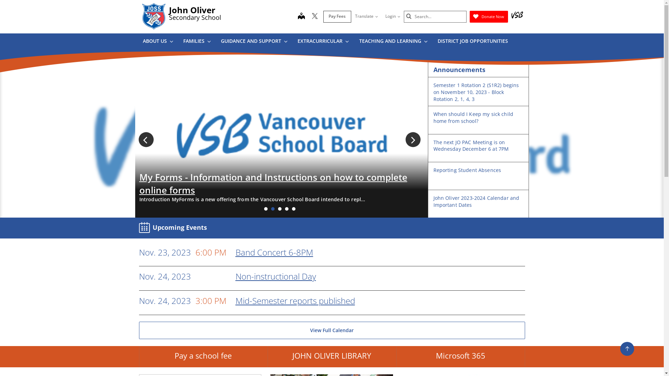 Image resolution: width=669 pixels, height=376 pixels. What do you see at coordinates (471, 145) in the screenshot?
I see `'The next JO PAC Meeting is on Wednesday December 6 at 7PM'` at bounding box center [471, 145].